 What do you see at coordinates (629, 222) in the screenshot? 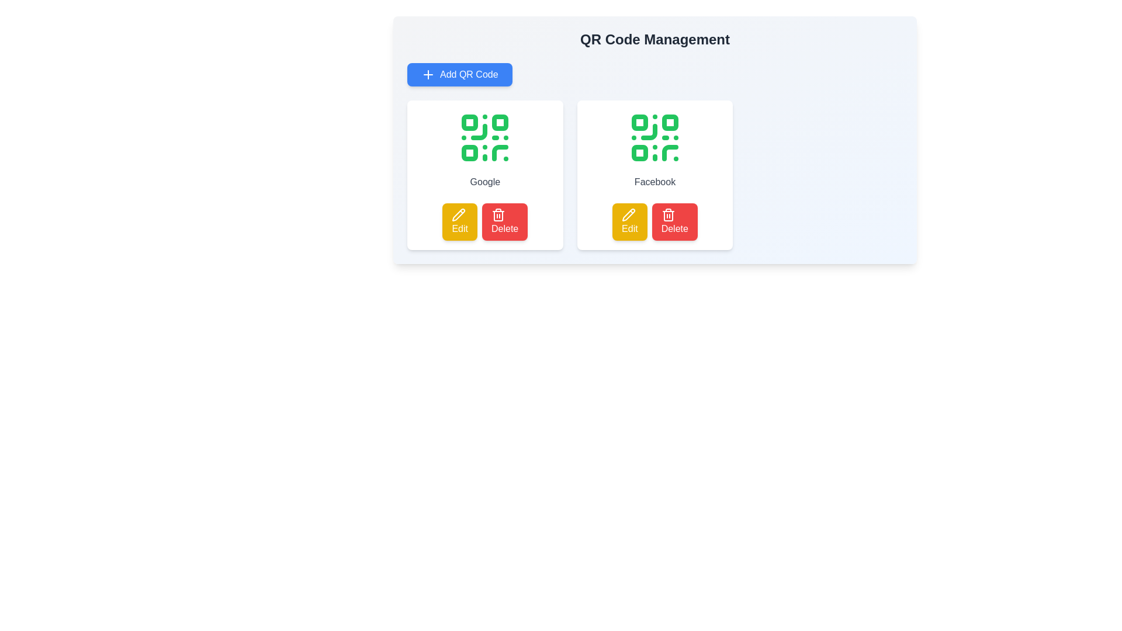
I see `the 'Edit' button located in the second column under the 'Facebook' QR code, directly next to the 'Delete' button` at bounding box center [629, 222].